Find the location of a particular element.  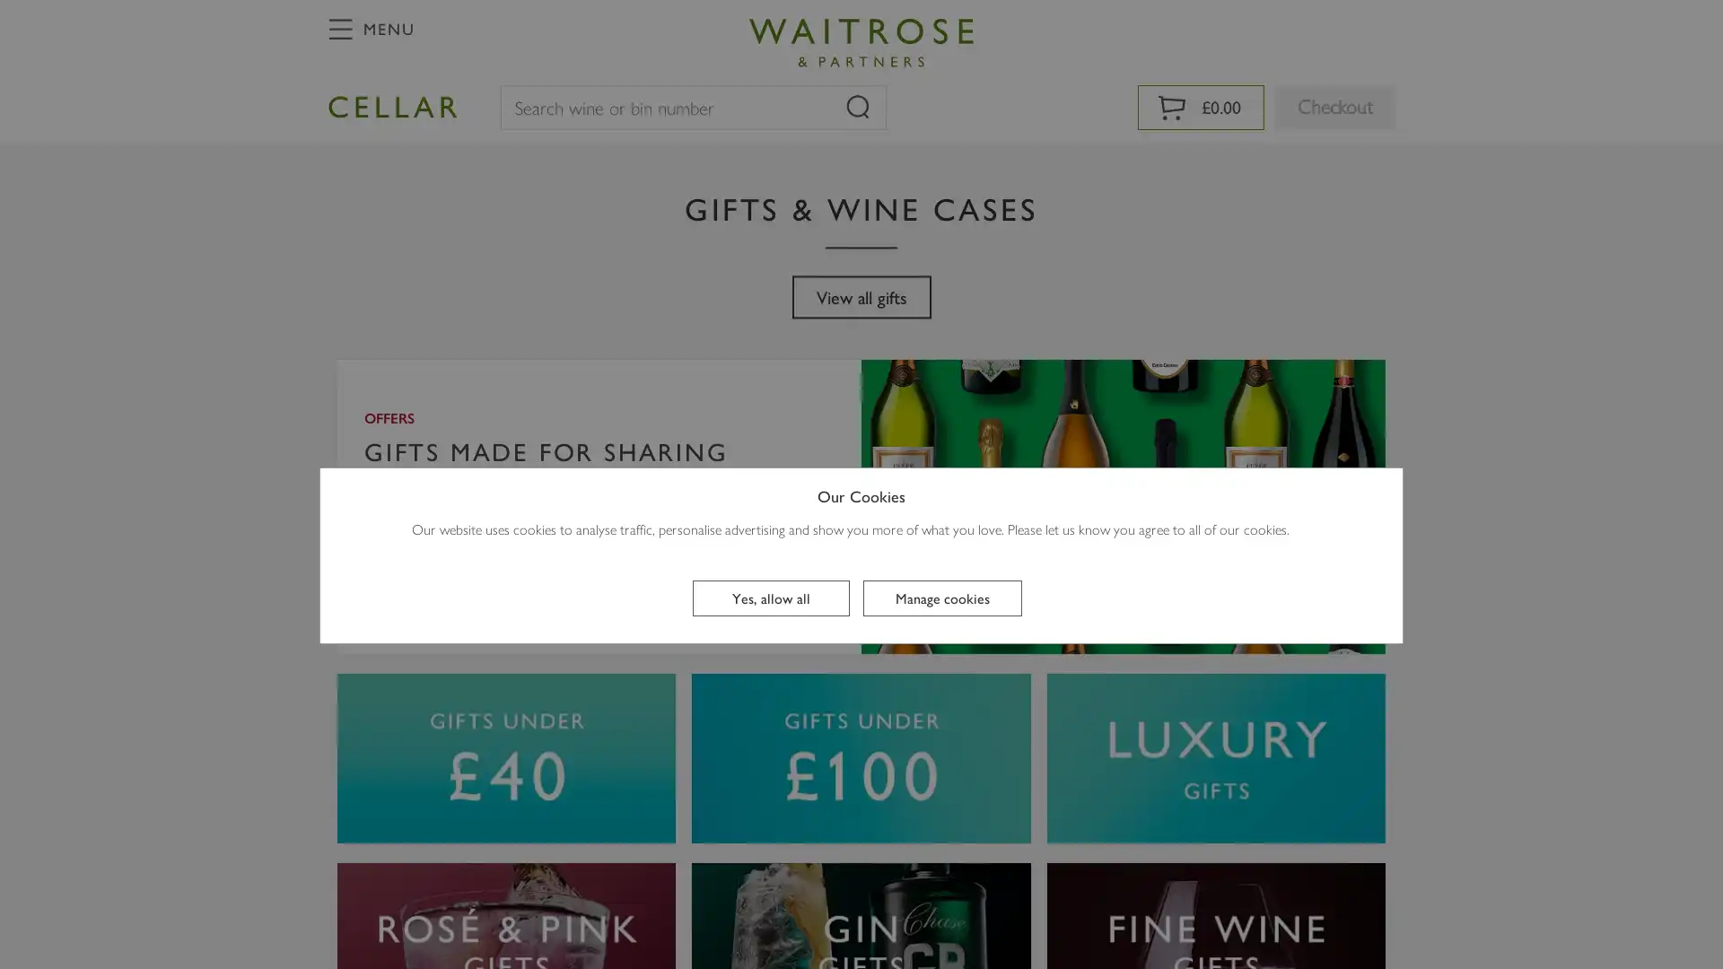

Manage cookies is located at coordinates (940, 598).